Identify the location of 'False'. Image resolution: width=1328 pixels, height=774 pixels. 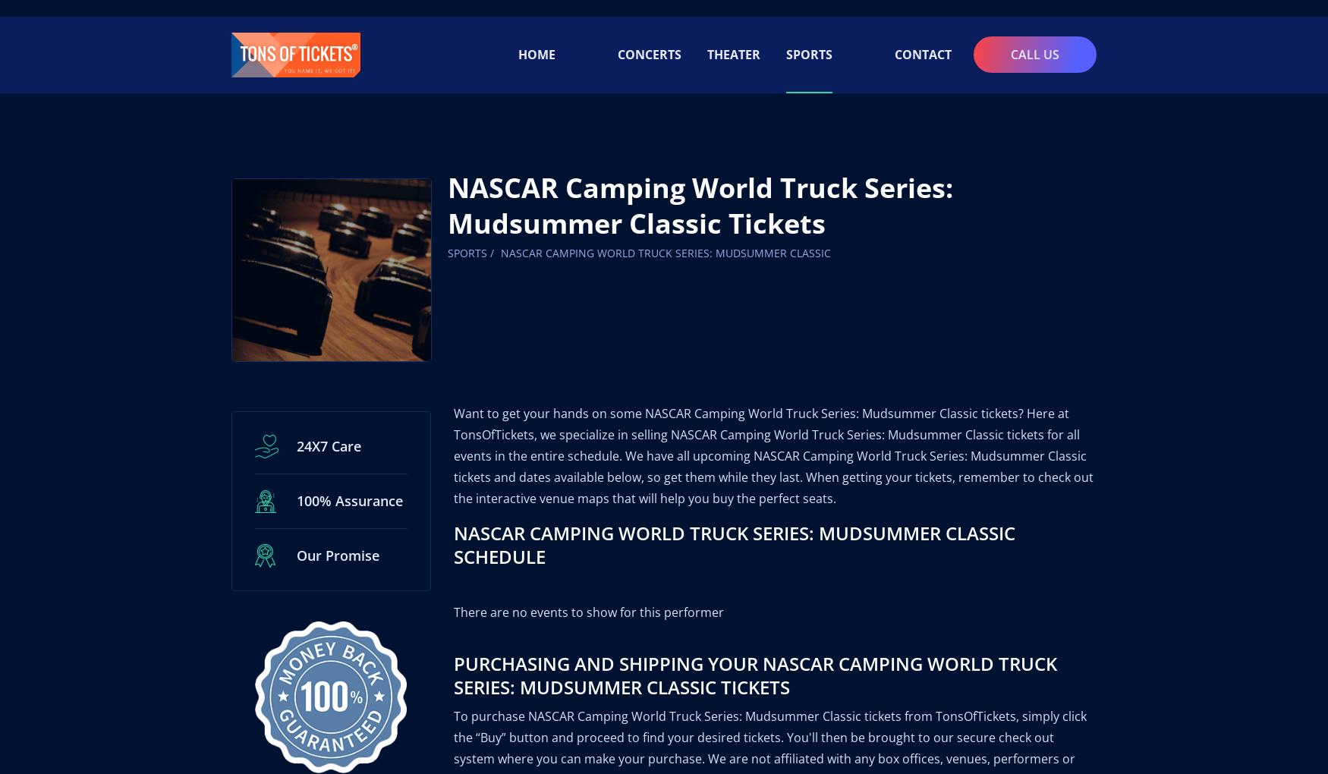
(461, 272).